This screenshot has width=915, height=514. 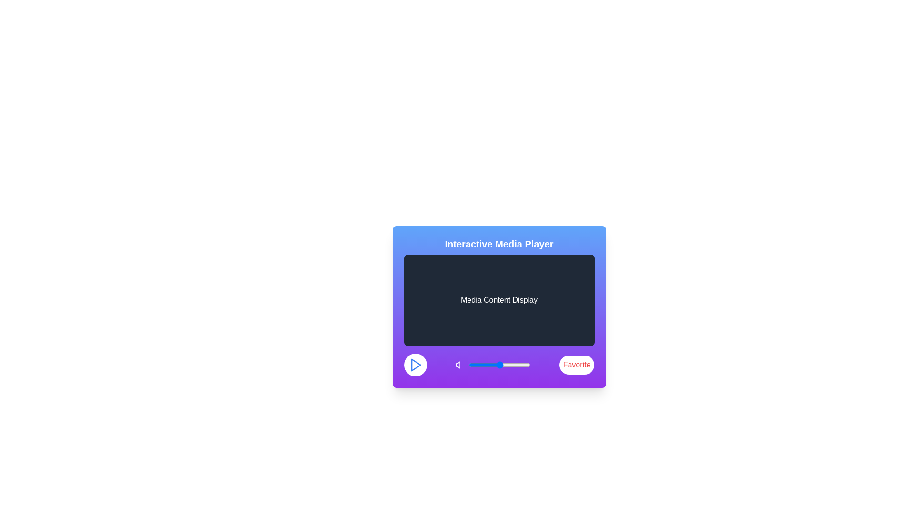 What do you see at coordinates (490, 365) in the screenshot?
I see `the slider` at bounding box center [490, 365].